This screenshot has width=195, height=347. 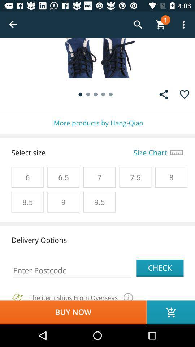 I want to click on the more option  beside cart button, so click(x=183, y=25).